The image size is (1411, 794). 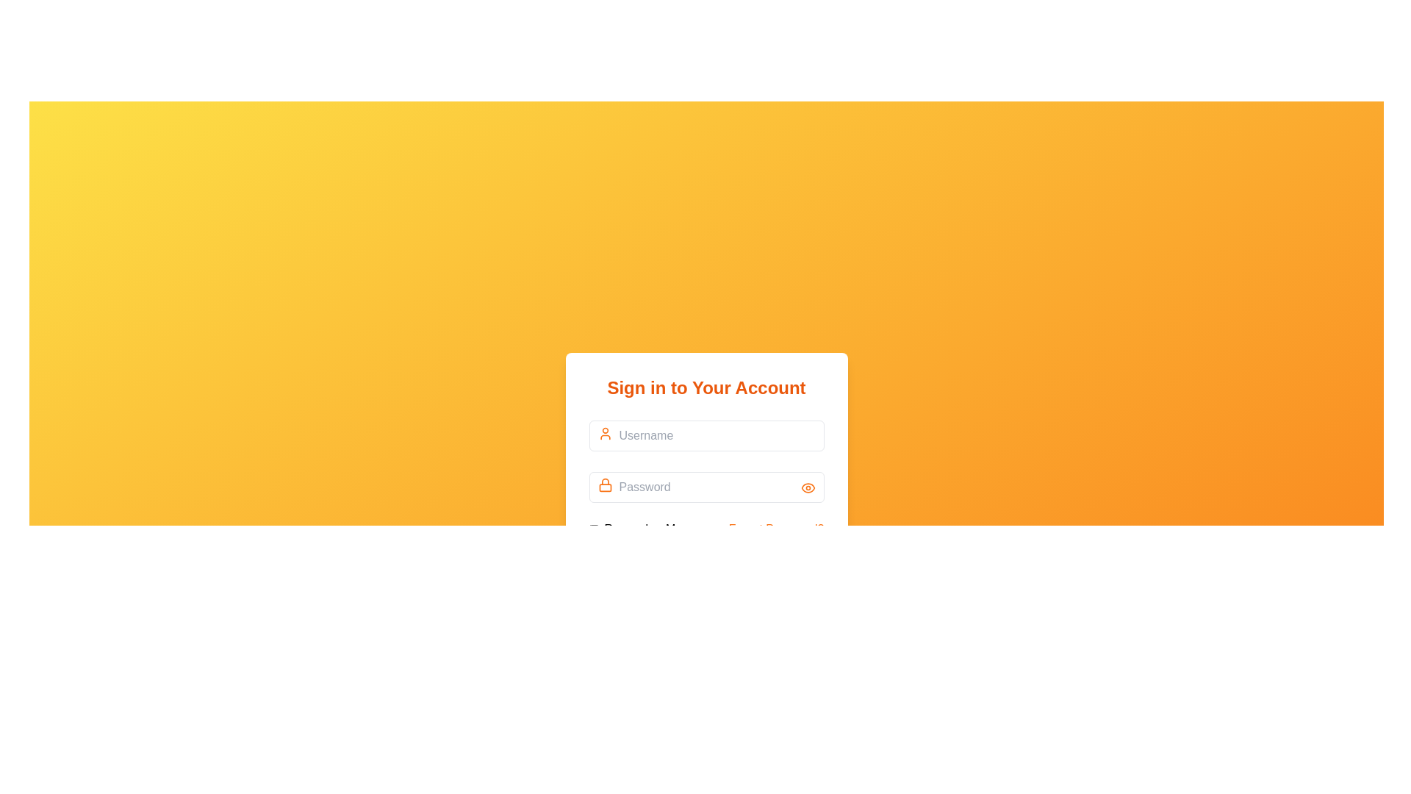 I want to click on the hyperlink for password recovery located to the right of the 'Remember Me' checkbox in the login panel, so click(x=775, y=529).